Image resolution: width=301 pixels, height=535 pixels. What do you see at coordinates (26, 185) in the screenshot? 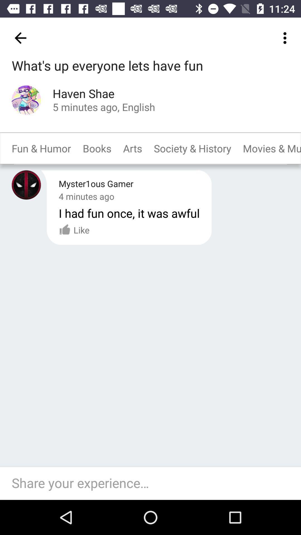
I see `this is the profile icon of the user` at bounding box center [26, 185].